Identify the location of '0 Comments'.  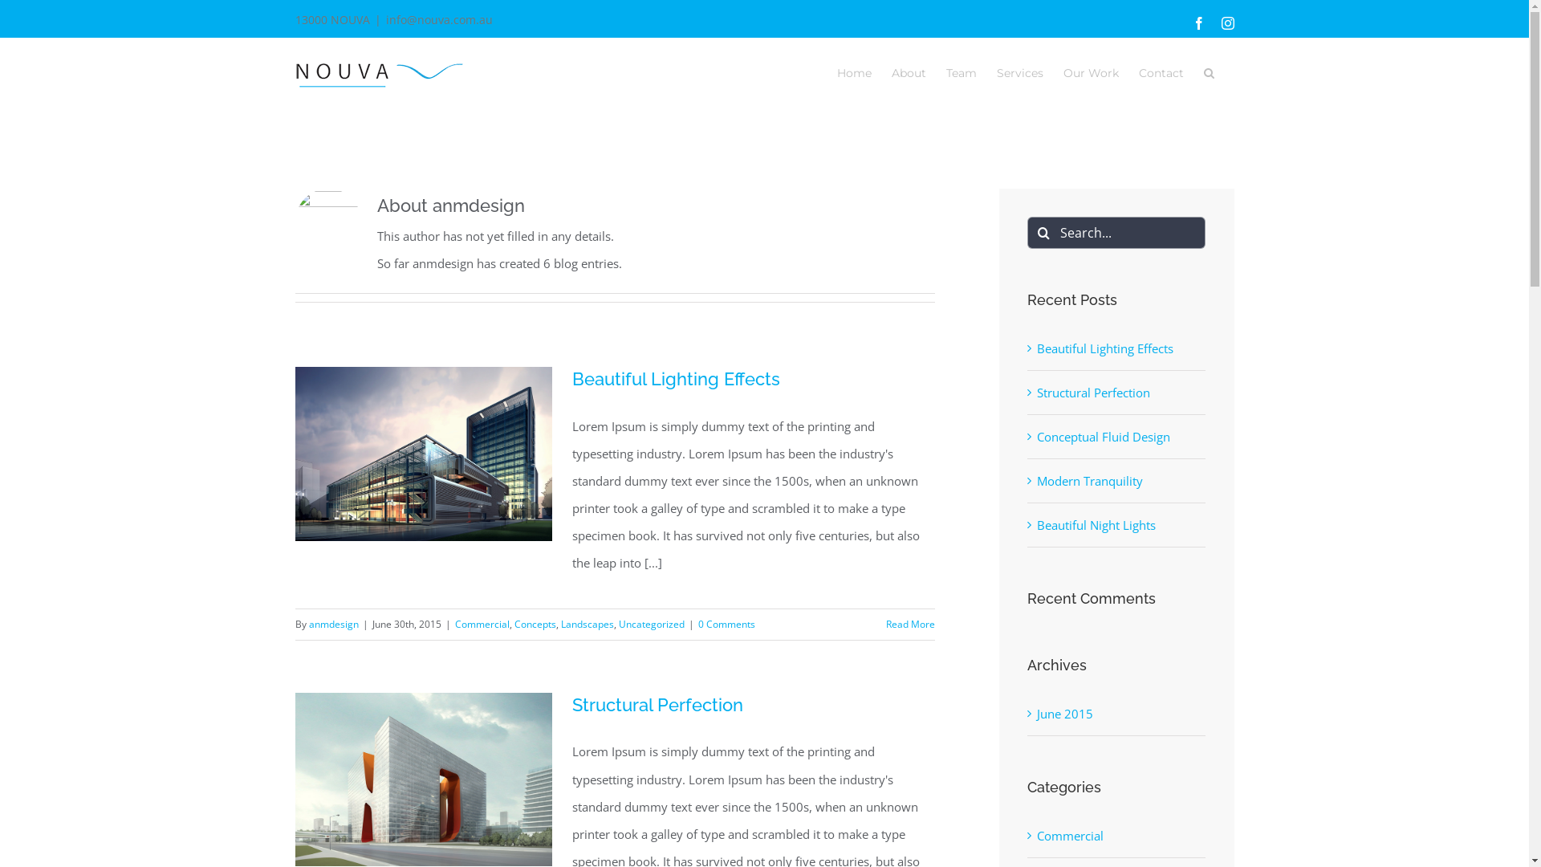
(726, 623).